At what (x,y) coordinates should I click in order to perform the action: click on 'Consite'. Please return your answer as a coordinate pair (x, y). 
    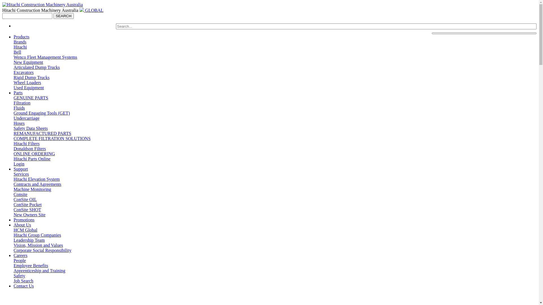
    Looking at the image, I should click on (14, 194).